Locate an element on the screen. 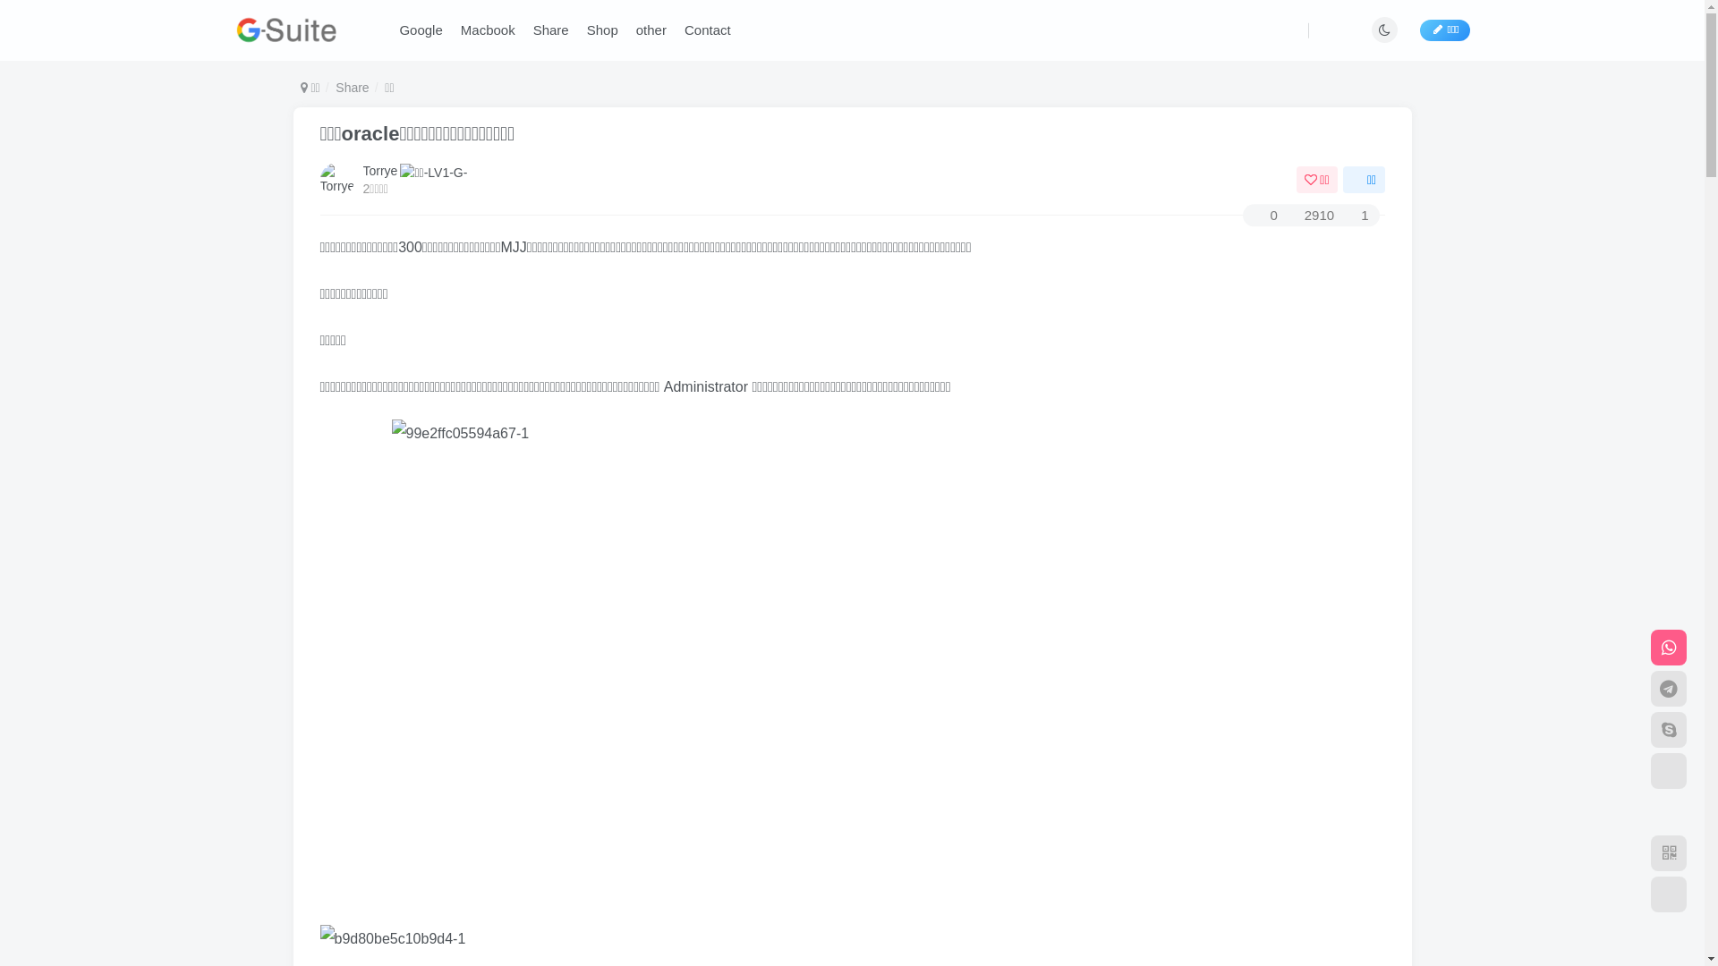  'Share' is located at coordinates (352, 87).